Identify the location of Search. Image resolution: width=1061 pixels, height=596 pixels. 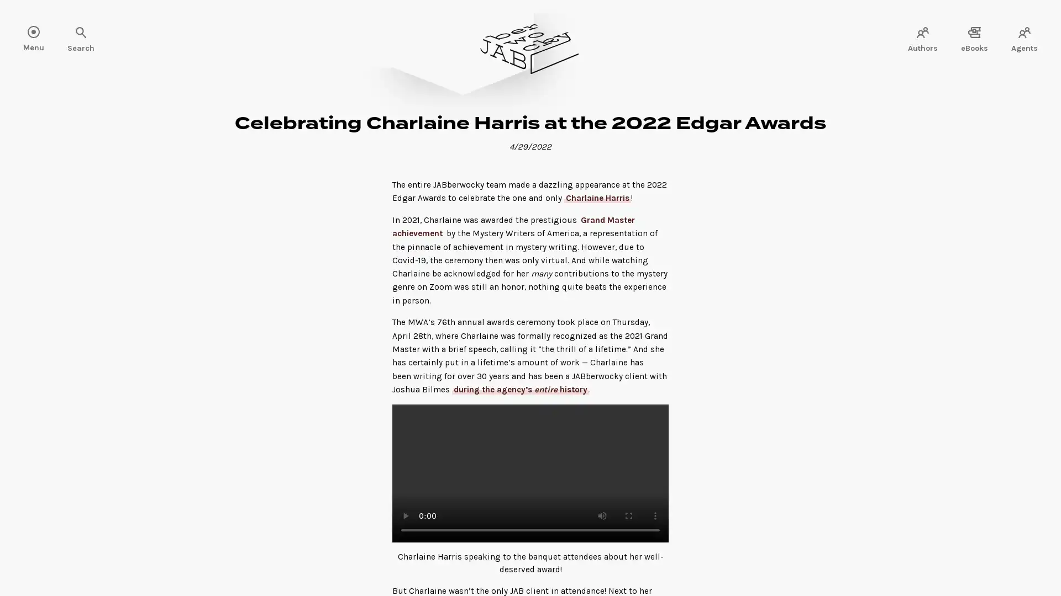
(44, 33).